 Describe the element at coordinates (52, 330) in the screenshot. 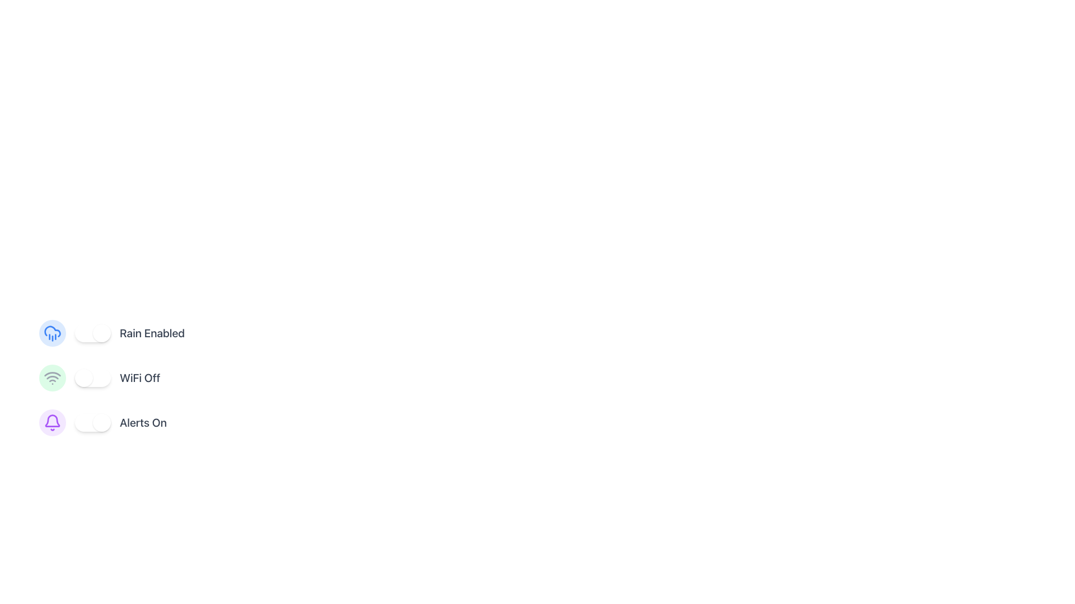

I see `the 'Rain Enabled' icon, which visually represents rain with vertical lines below the cloud` at that location.